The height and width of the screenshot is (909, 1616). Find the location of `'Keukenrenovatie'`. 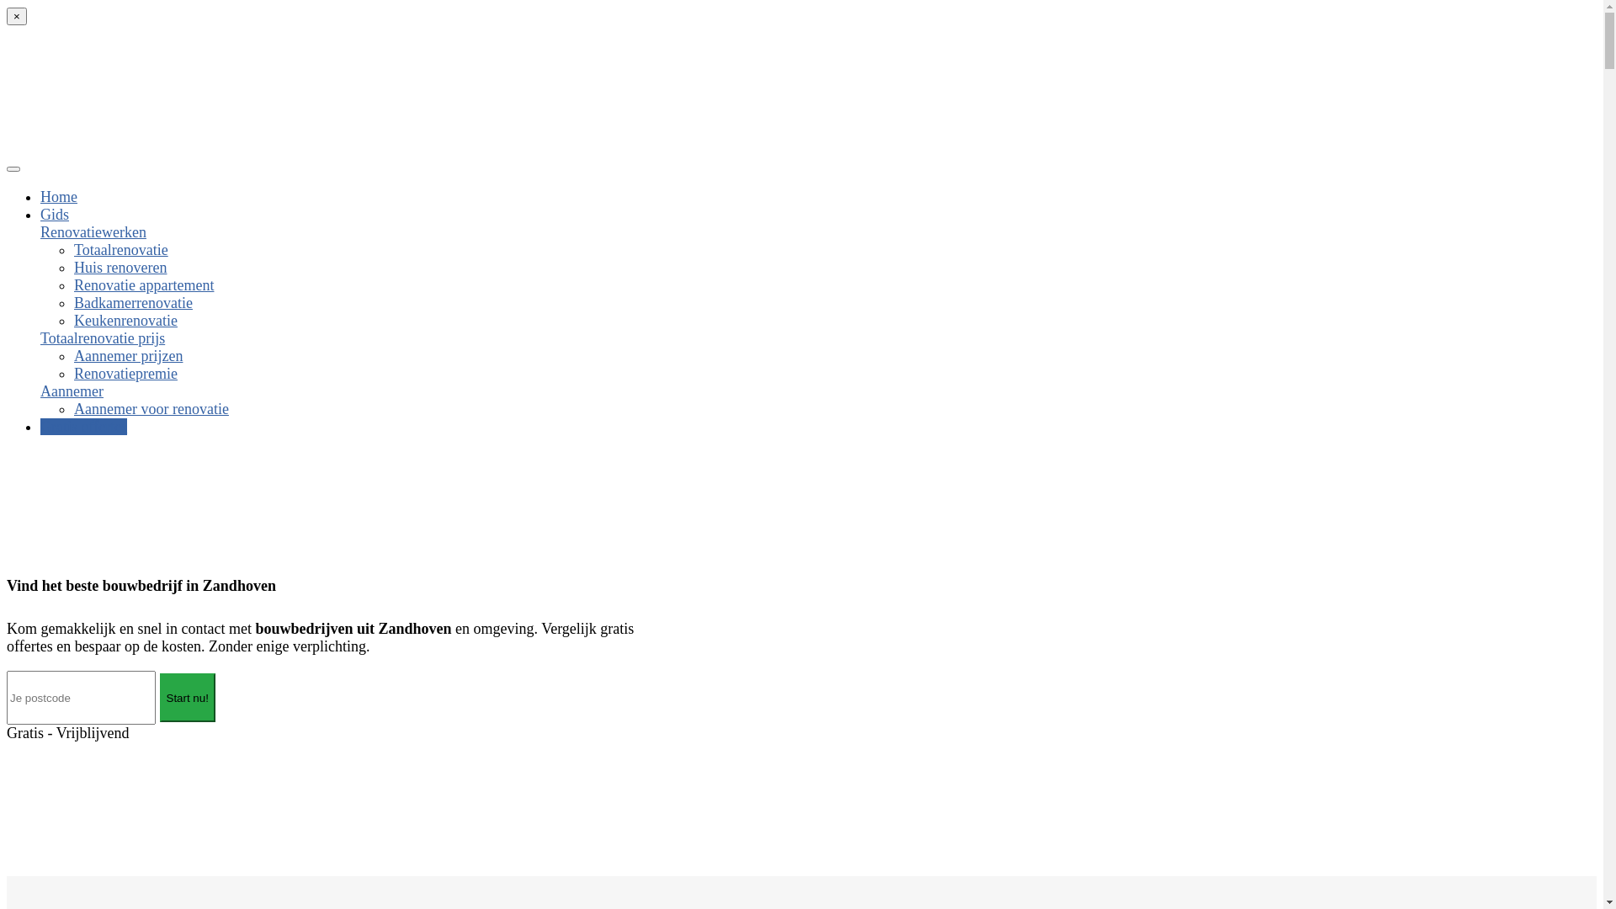

'Keukenrenovatie' is located at coordinates (72, 321).